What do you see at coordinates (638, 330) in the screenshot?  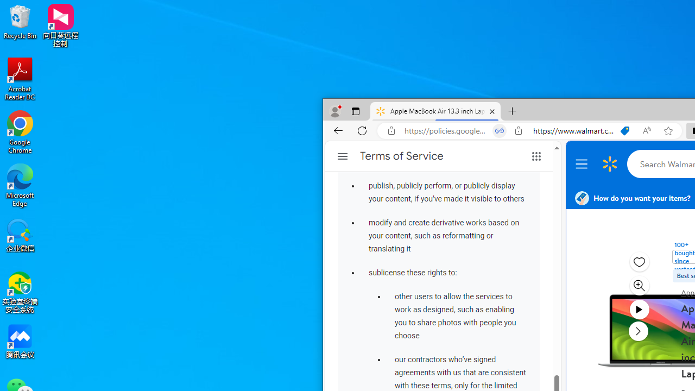 I see `'next media item'` at bounding box center [638, 330].